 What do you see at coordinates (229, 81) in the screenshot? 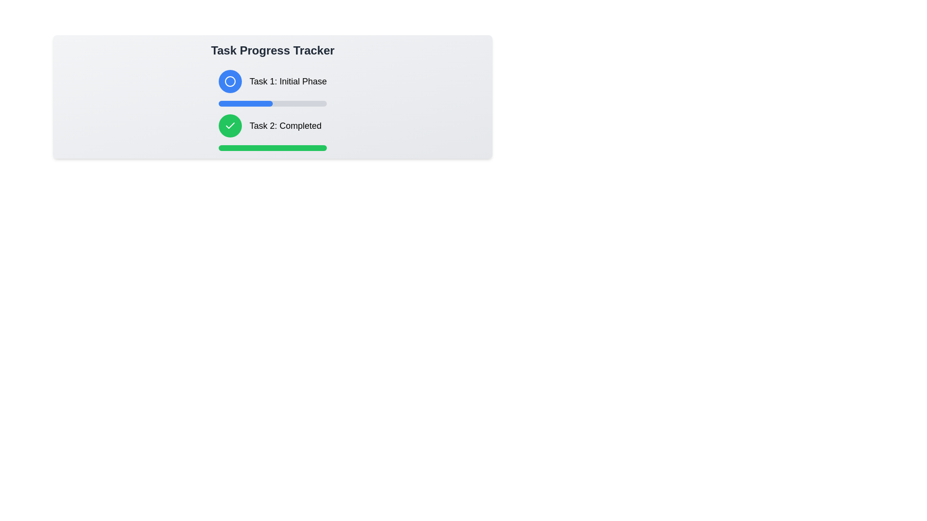
I see `the Circular SVG shape` at bounding box center [229, 81].